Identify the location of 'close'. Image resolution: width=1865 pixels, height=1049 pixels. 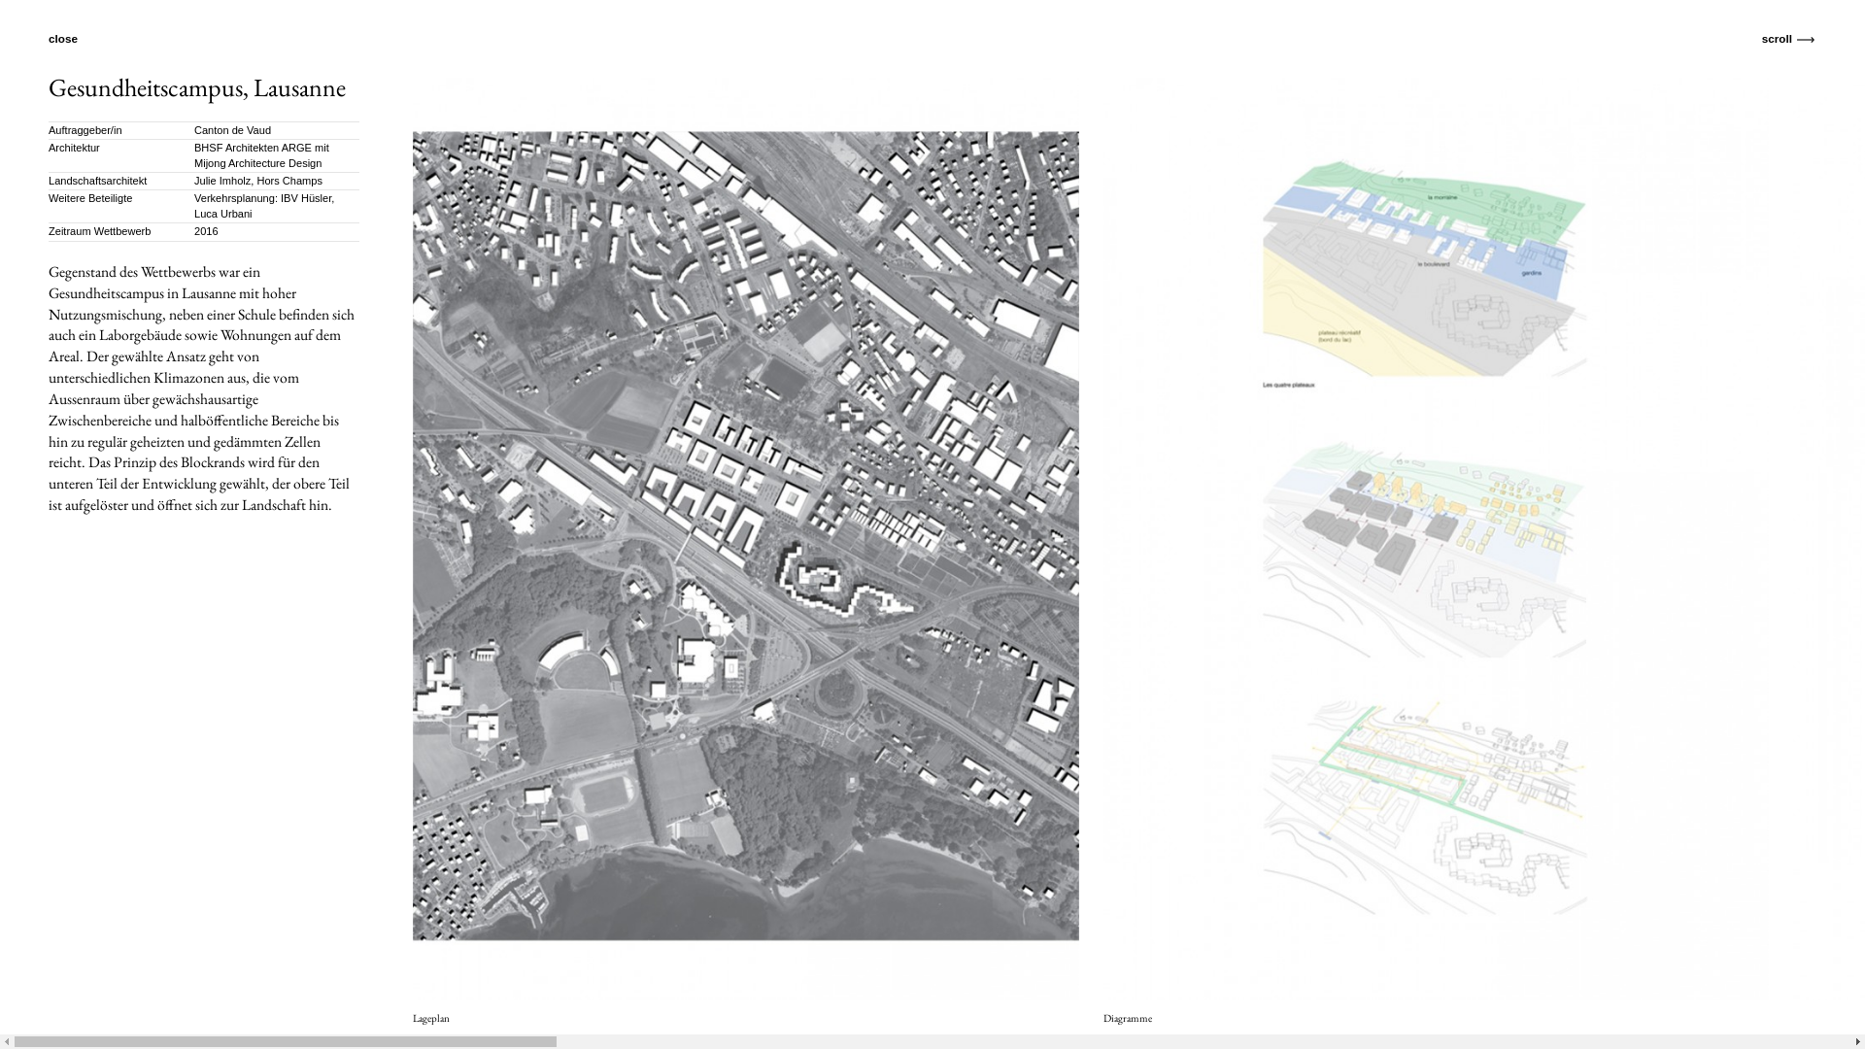
(73, 38).